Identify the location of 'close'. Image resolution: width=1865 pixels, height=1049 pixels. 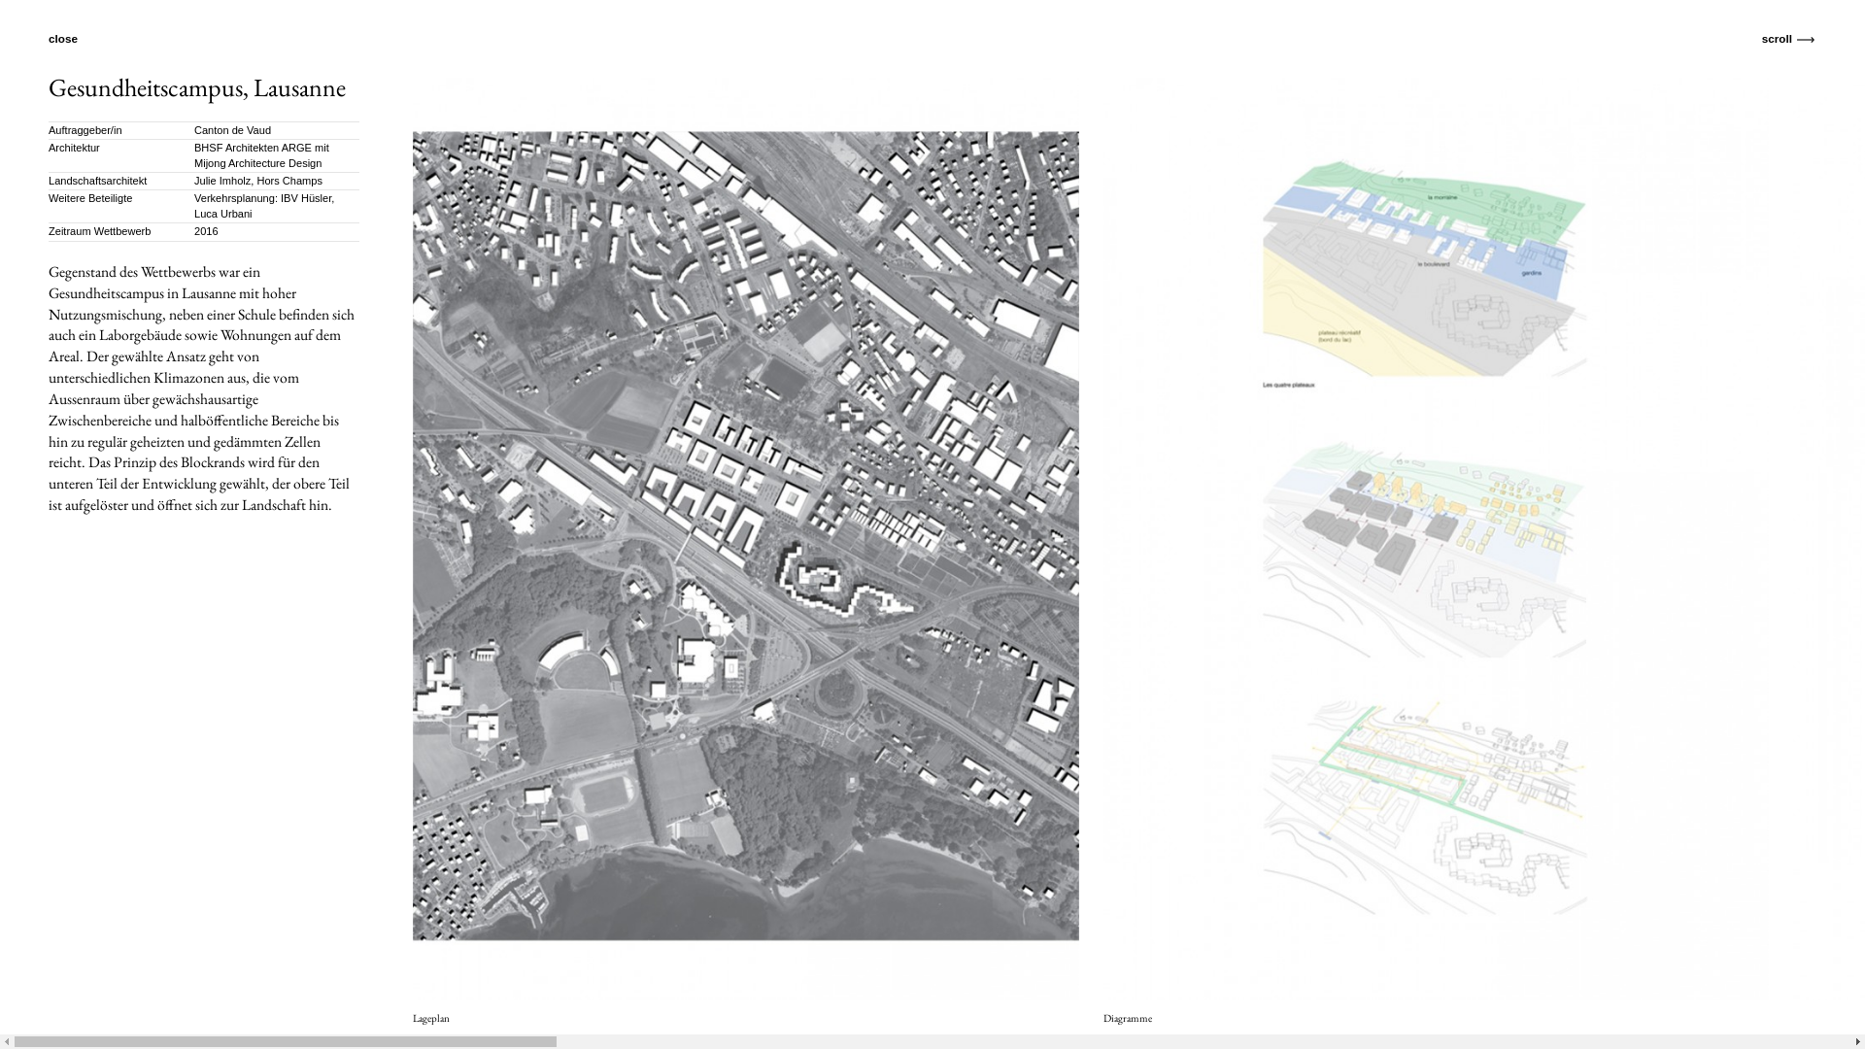
(73, 38).